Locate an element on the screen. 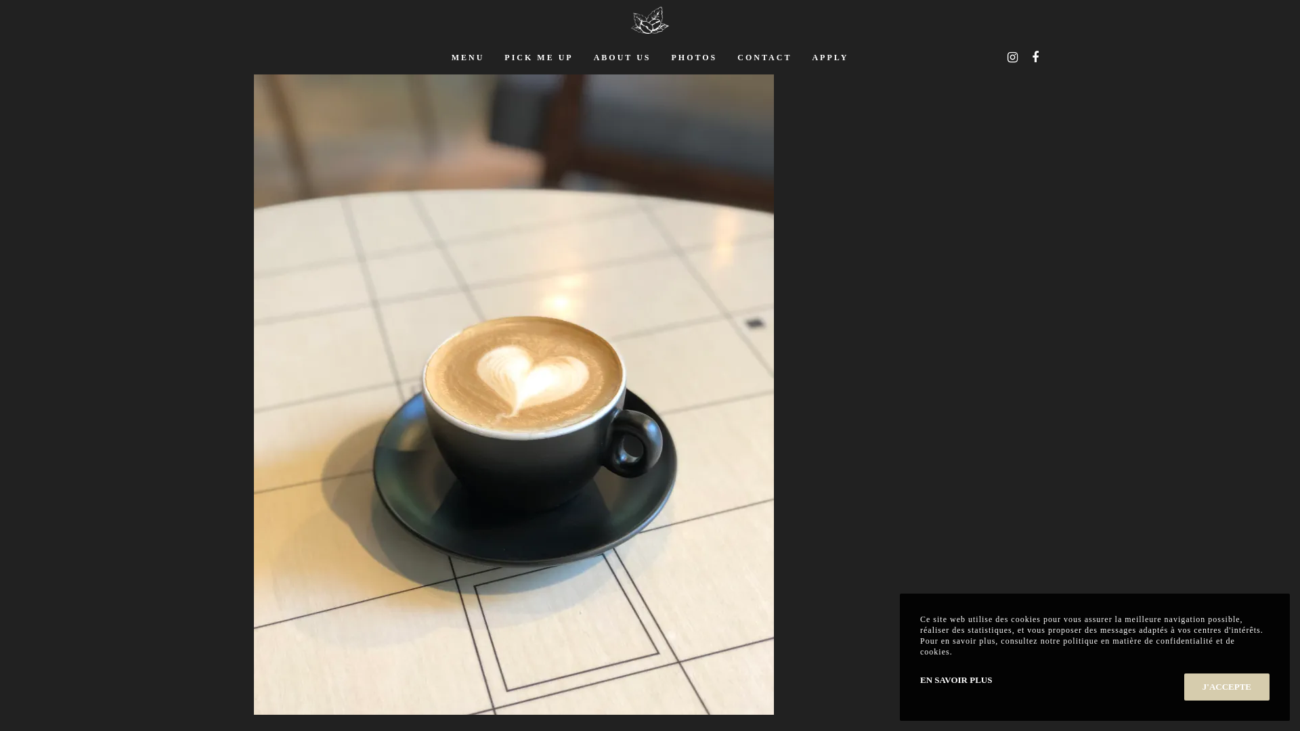 This screenshot has height=731, width=1300. 'EN SAVOIR PLUS' is located at coordinates (955, 680).